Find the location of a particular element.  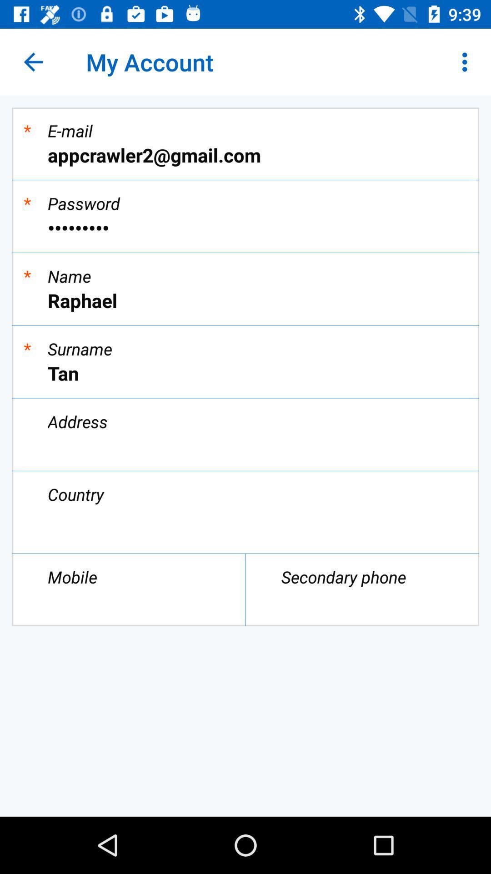

icon below the * is located at coordinates (245, 373).